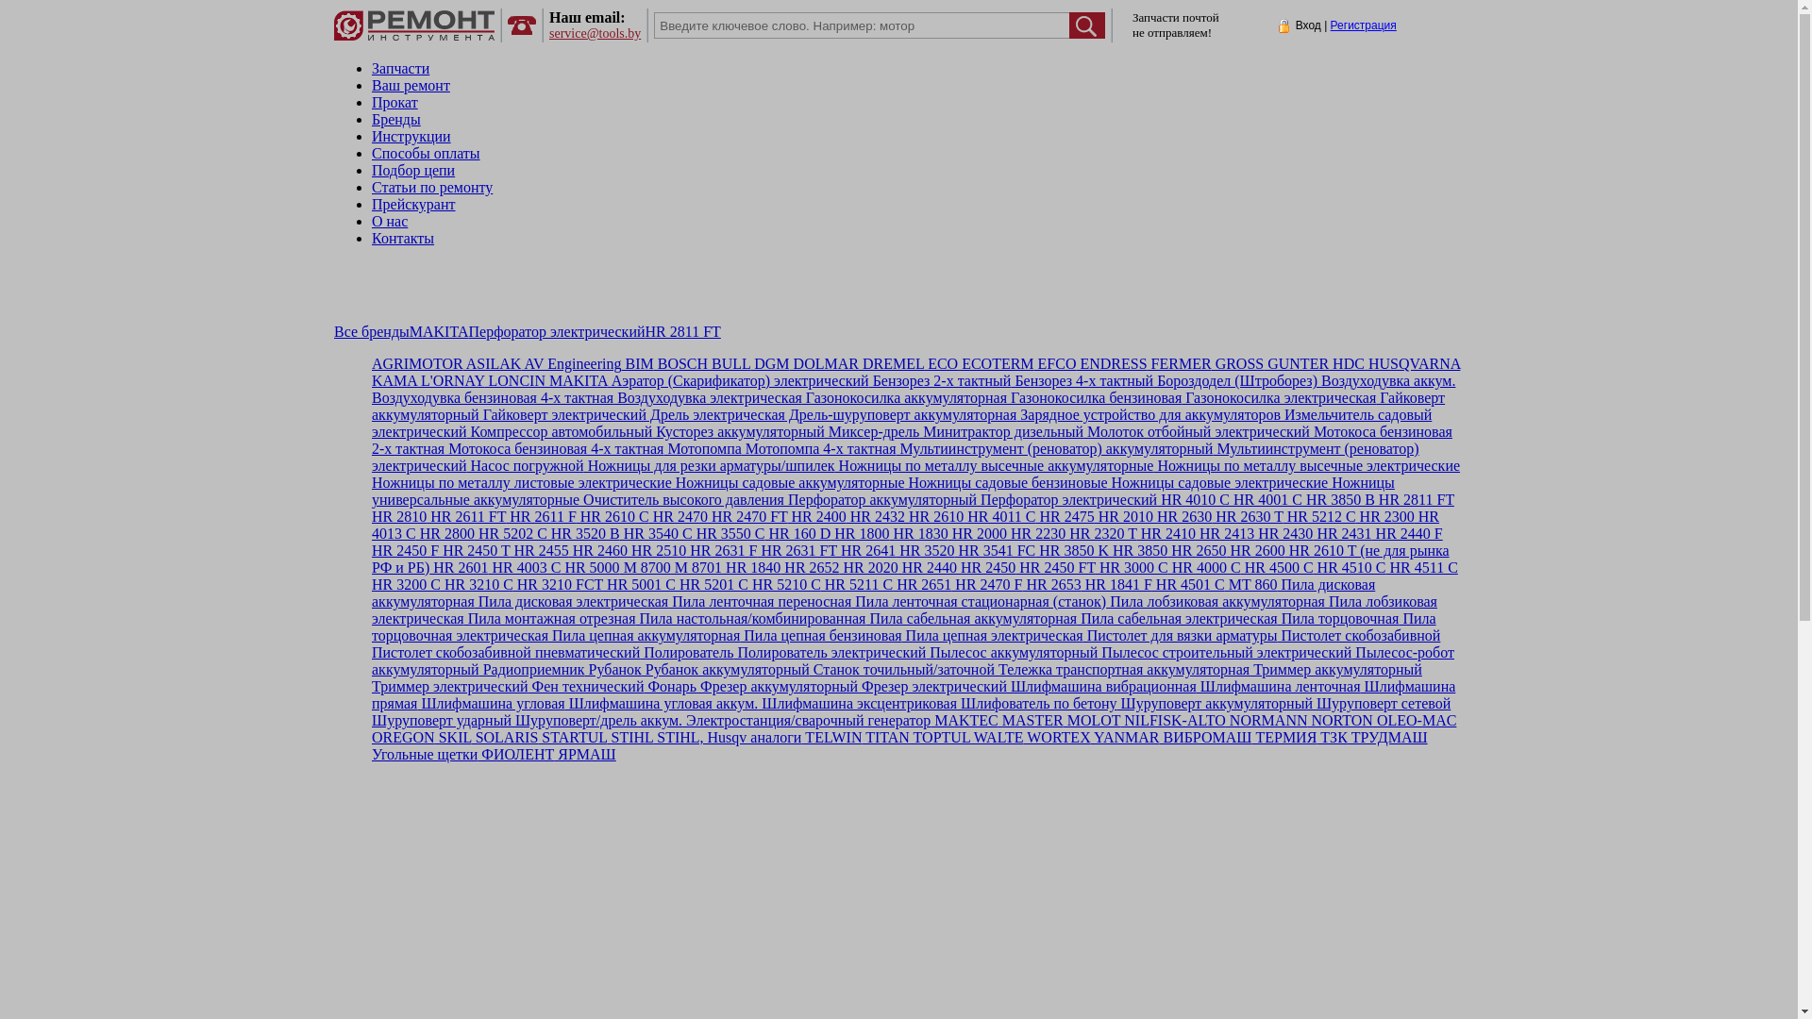 Image resolution: width=1812 pixels, height=1019 pixels. Describe the element at coordinates (1375, 498) in the screenshot. I see `'HR 2811 FT'` at that location.